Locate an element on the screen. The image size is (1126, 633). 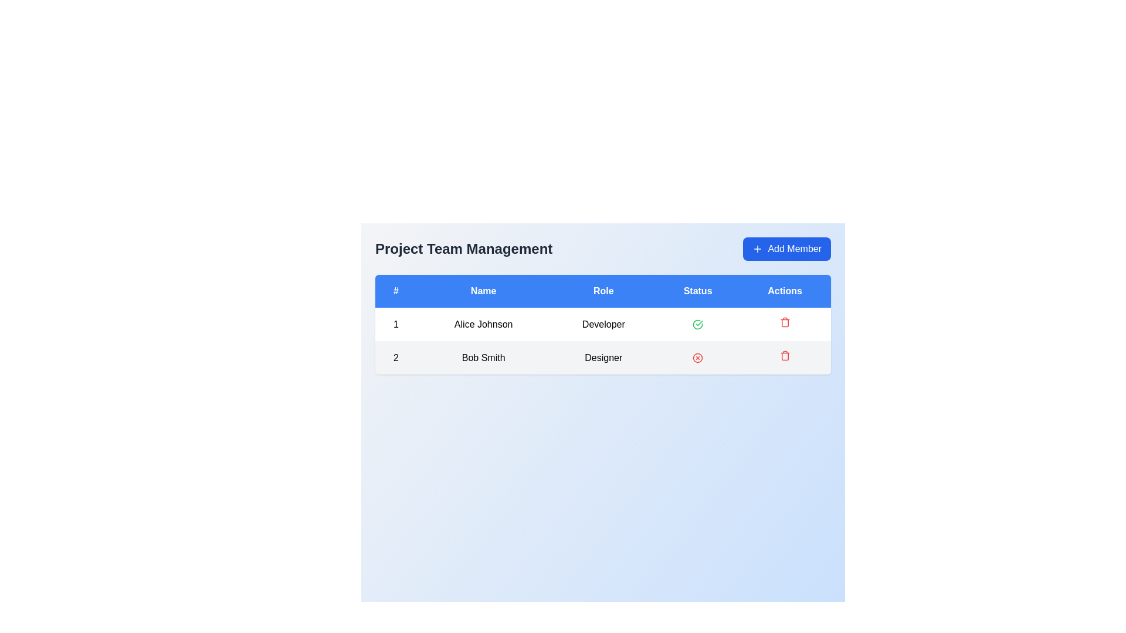
the small red trash can icon button in the 'Actions' column for user 'Alice Johnson' is located at coordinates (785, 324).